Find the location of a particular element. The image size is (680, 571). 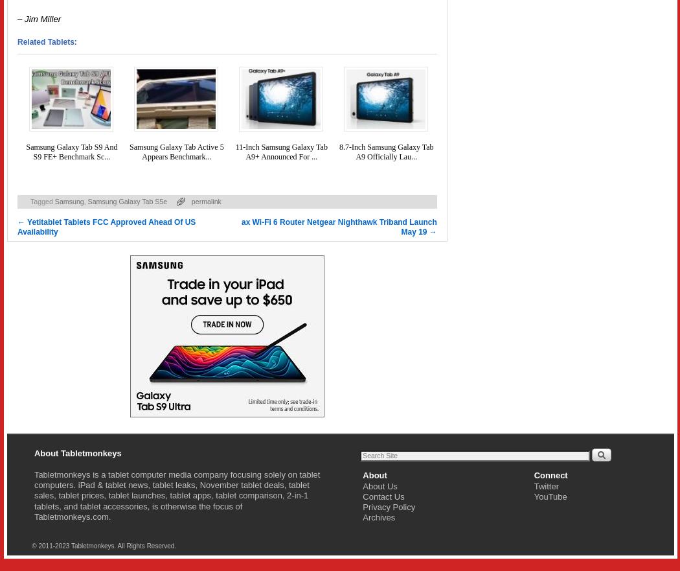

'Tabletmonkeys' is located at coordinates (62, 474).